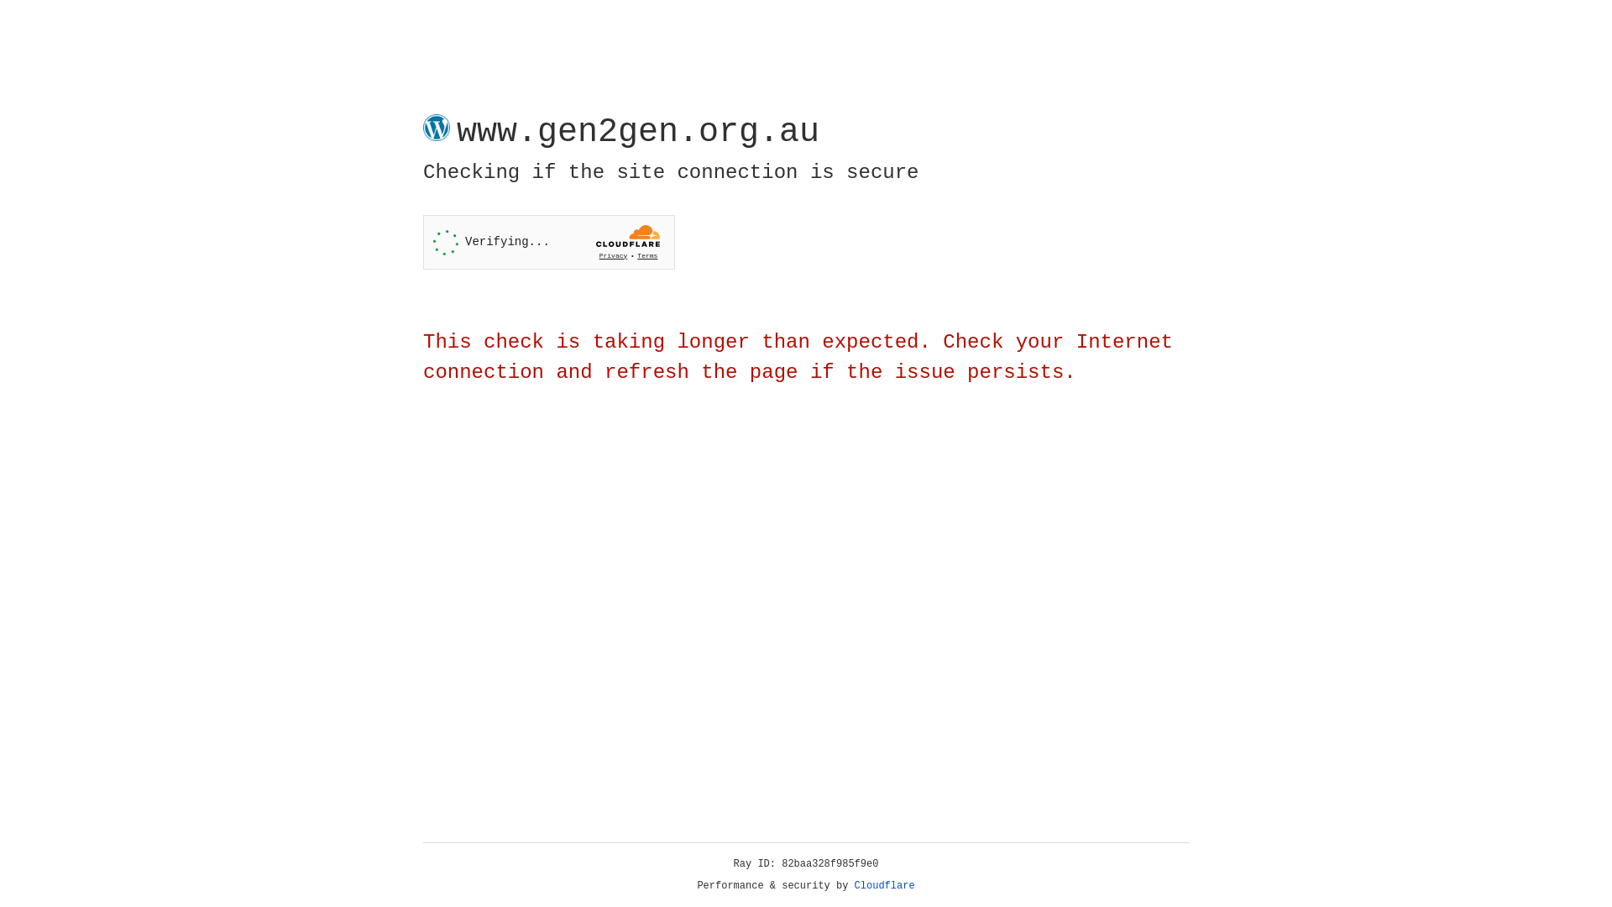 The image size is (1612, 907). I want to click on 'Cloudflare', so click(854, 885).